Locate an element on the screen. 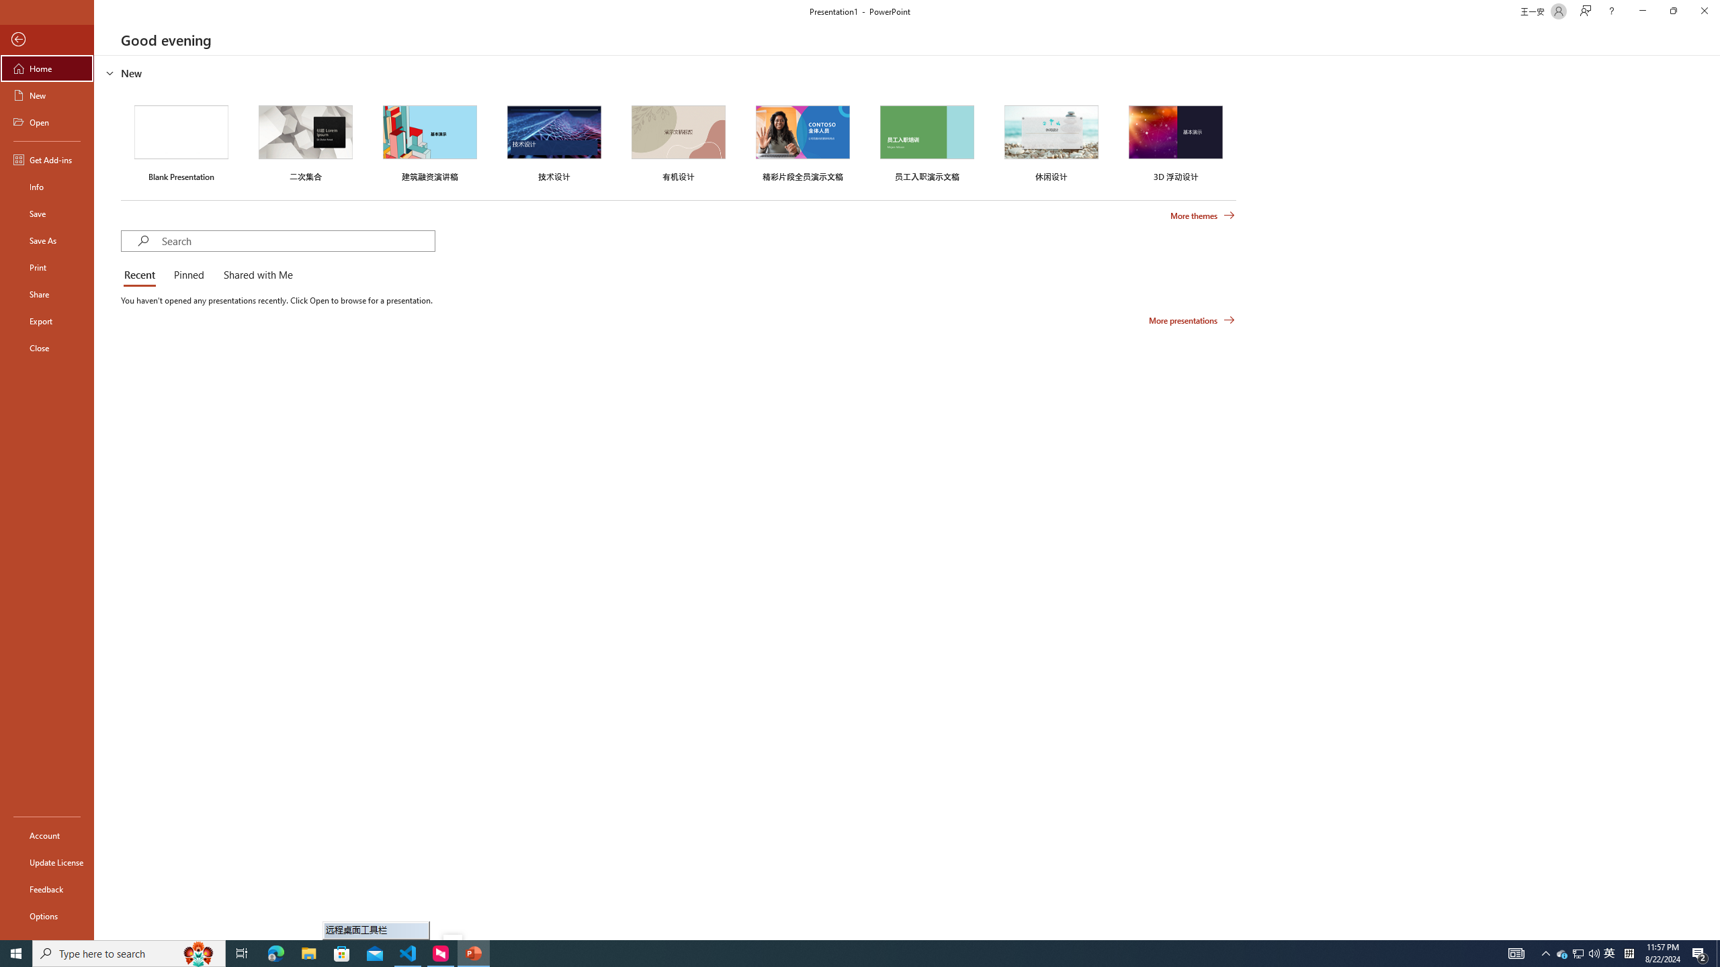 This screenshot has width=1720, height=967. 'Info' is located at coordinates (46, 185).